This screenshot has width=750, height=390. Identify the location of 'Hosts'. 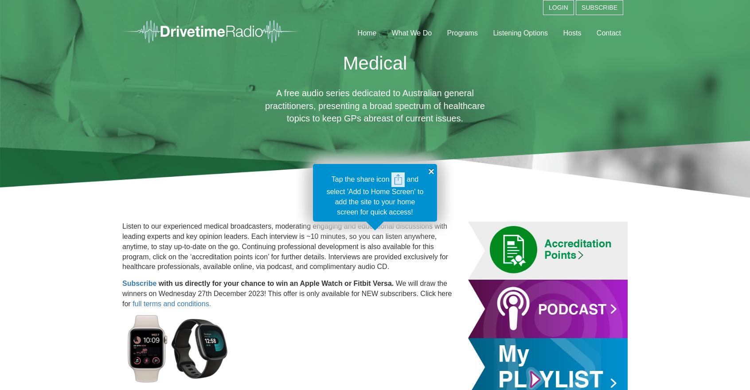
(571, 32).